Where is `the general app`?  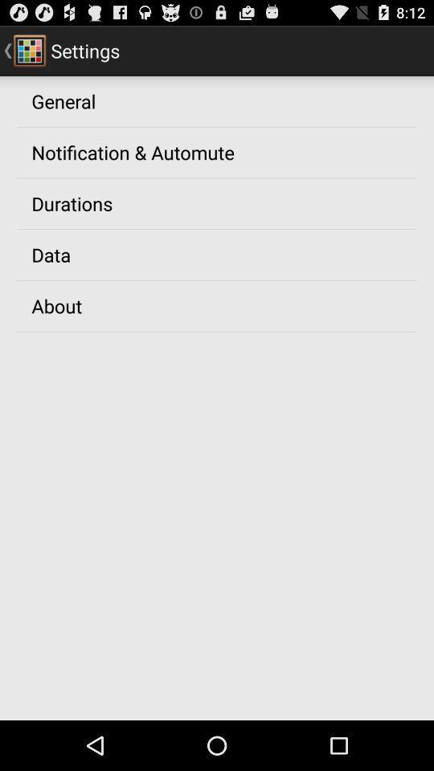
the general app is located at coordinates (63, 100).